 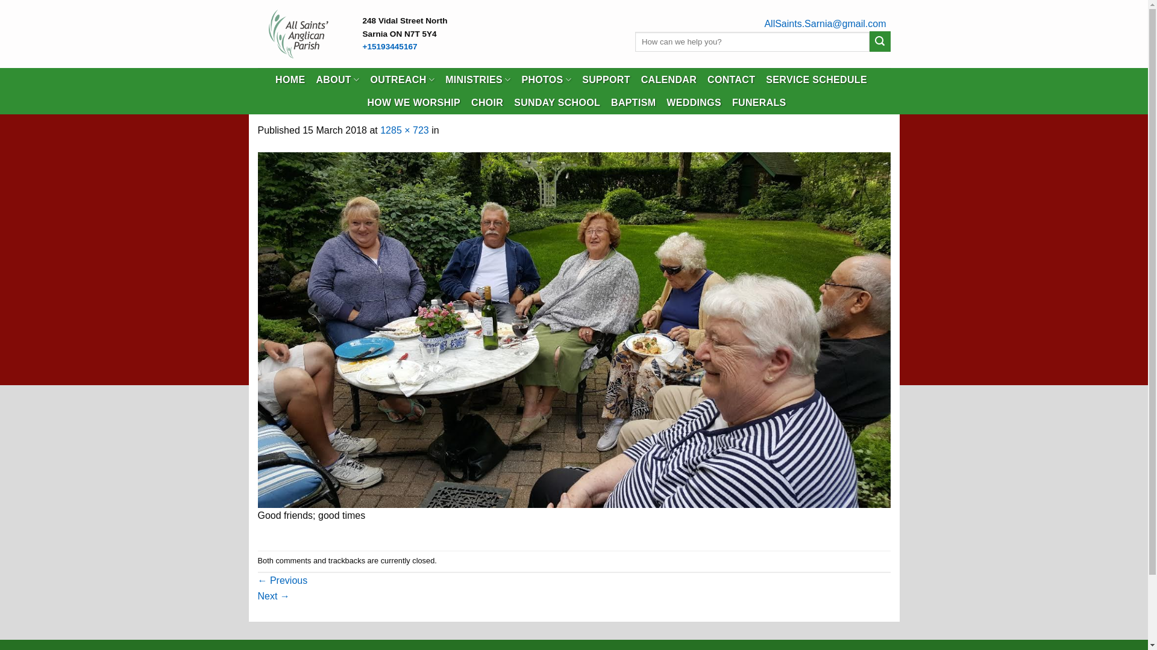 I want to click on 'HOW WE WORSHIP', so click(x=366, y=102).